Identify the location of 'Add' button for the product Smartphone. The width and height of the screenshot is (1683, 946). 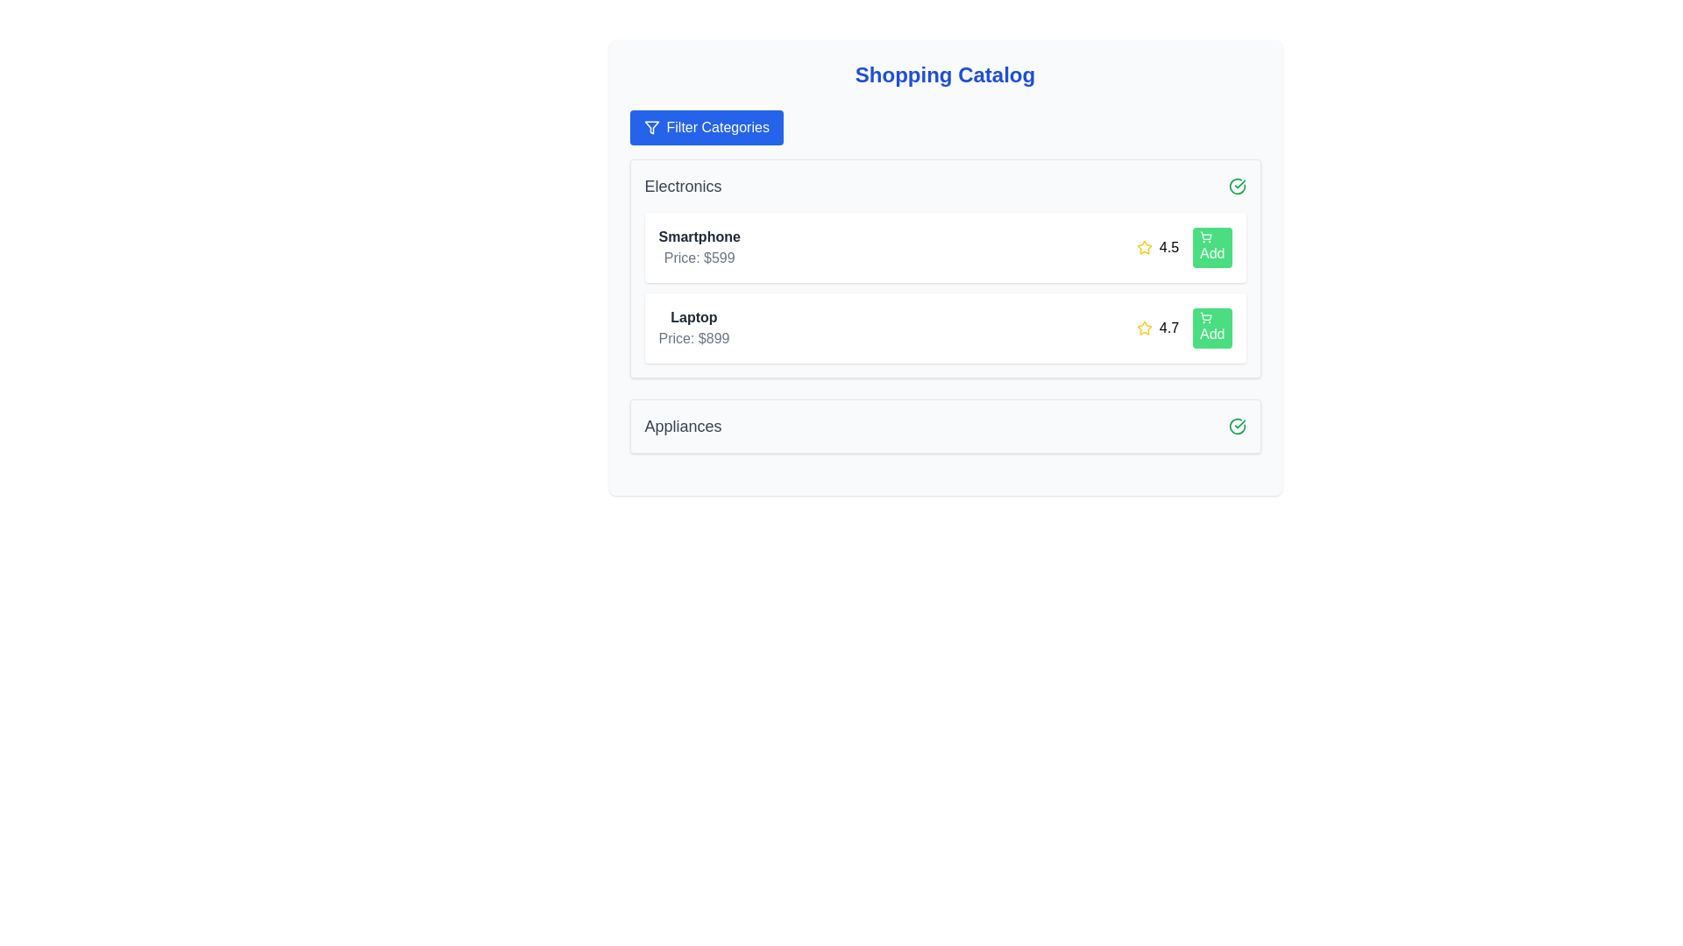
(1211, 247).